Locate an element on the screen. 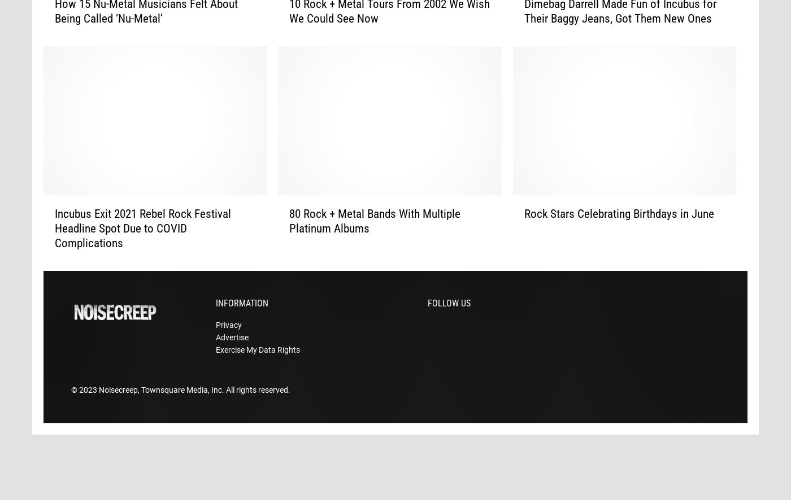  '. All rights reserved.' is located at coordinates (256, 407).